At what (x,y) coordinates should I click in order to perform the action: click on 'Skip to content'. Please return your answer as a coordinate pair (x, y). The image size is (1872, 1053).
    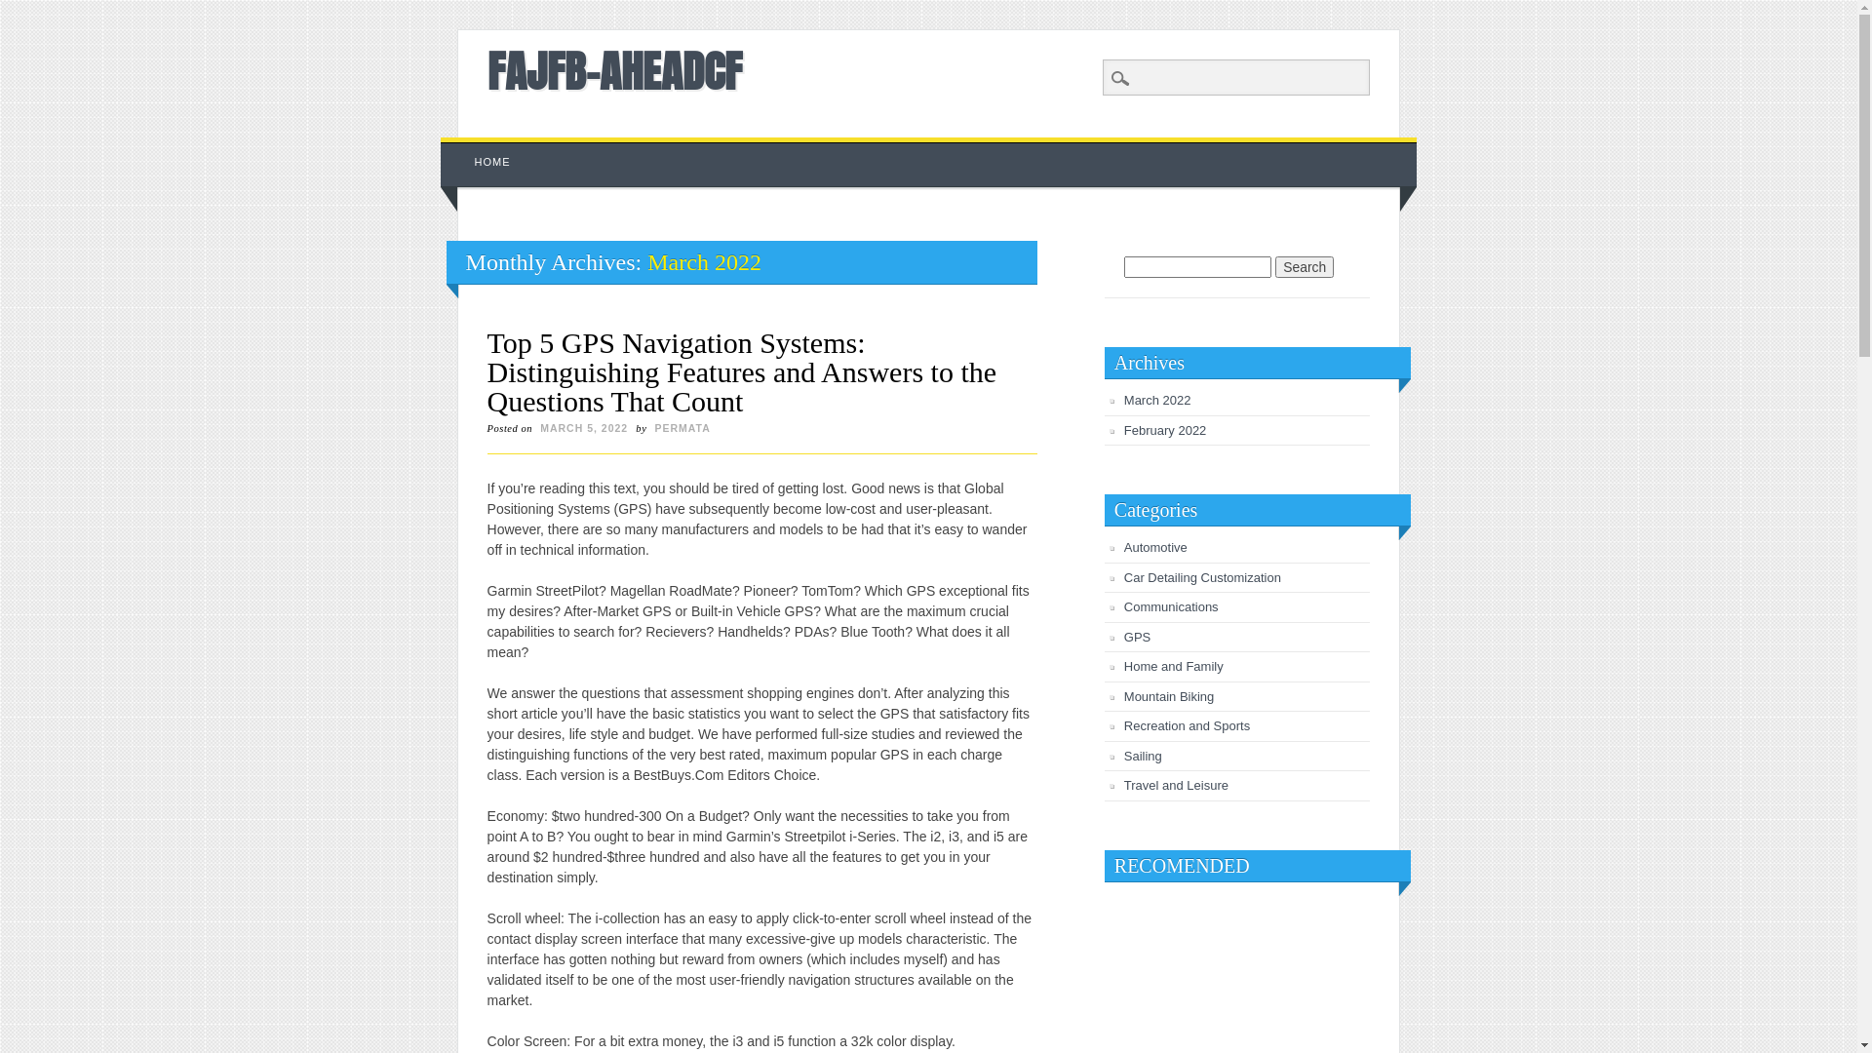
    Looking at the image, I should click on (486, 145).